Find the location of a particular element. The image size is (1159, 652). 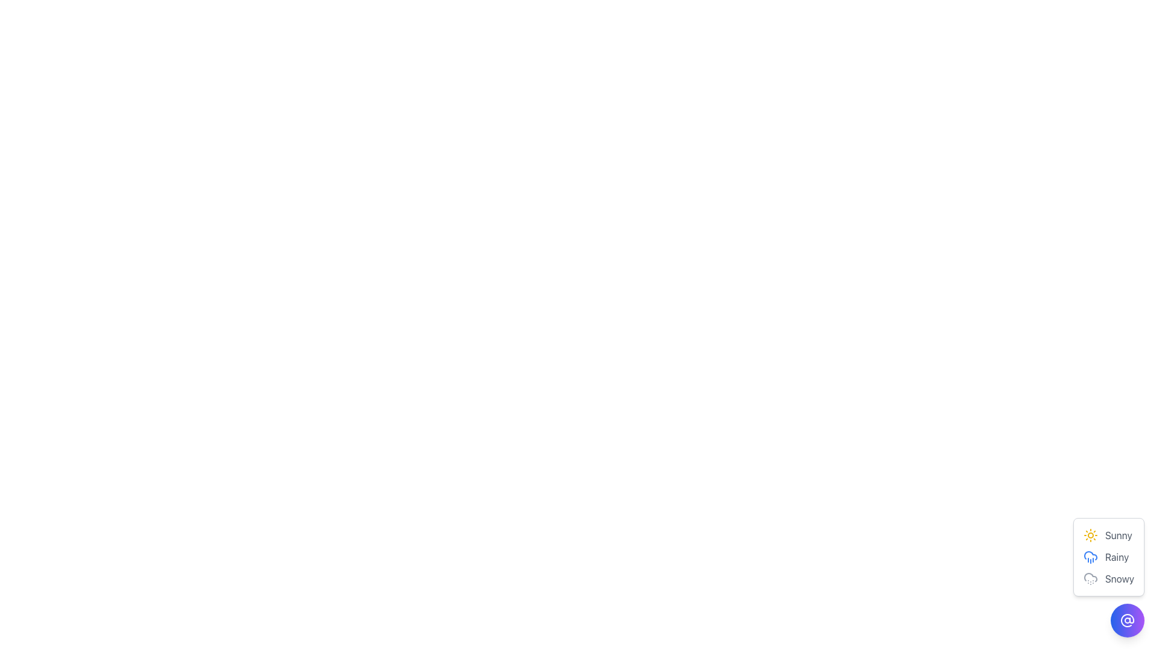

the circular '@' icon button located at the bottom-right corner of the interface is located at coordinates (1126, 621).